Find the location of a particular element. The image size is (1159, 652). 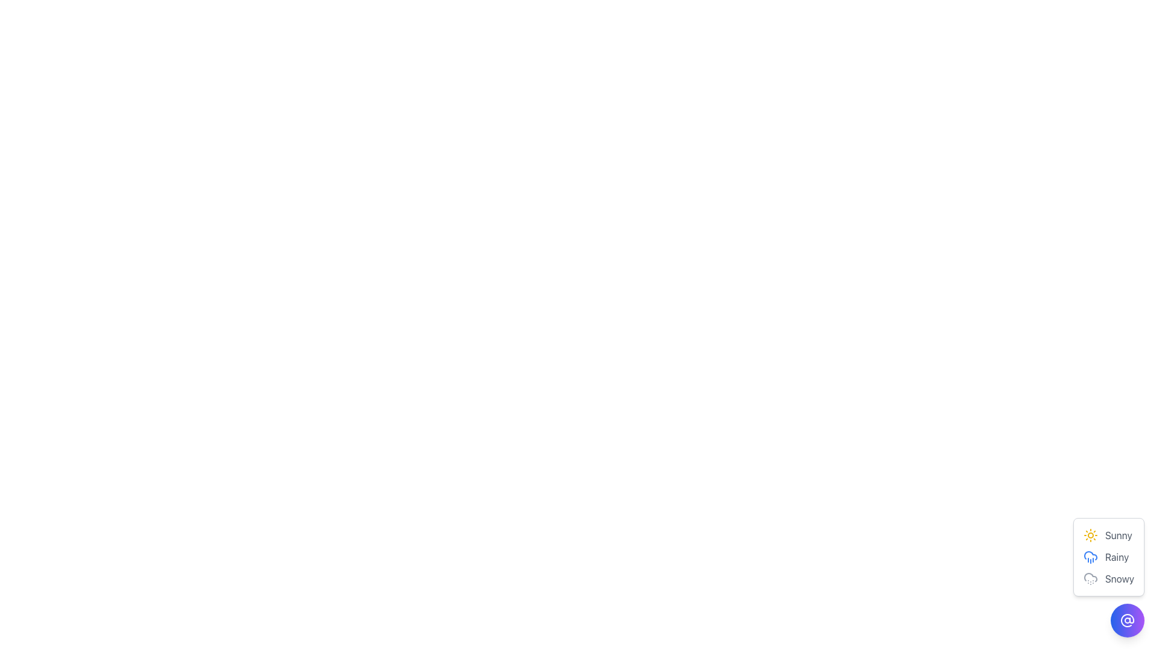

the circular '@' icon button located at the bottom-right corner of the interface is located at coordinates (1126, 621).